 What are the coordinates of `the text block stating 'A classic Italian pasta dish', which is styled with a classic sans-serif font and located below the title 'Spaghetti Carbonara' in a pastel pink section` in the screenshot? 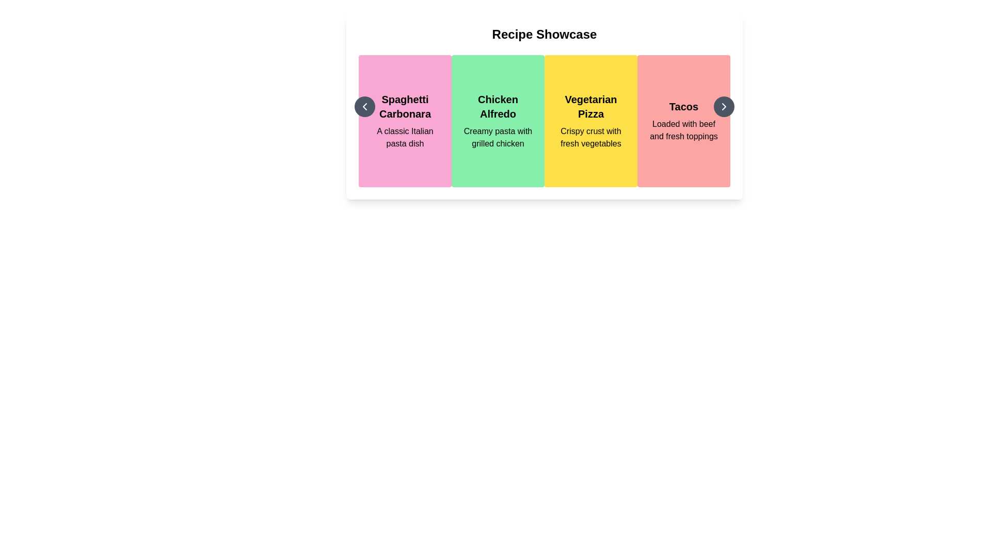 It's located at (405, 137).